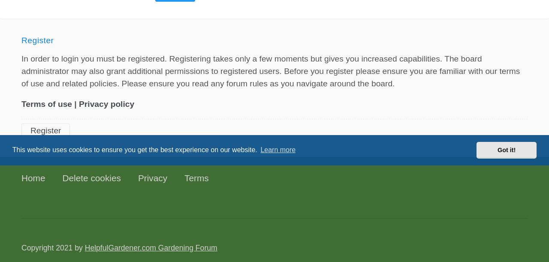 This screenshot has height=262, width=549. I want to click on 'In order to login you must be registered. Registering takes only a few moments but gives you increased capabilities. The board administrator may also grant additional permissions to registered users. Before you register please ensure you are familiar with our terms of use and related policies. Please ensure you read any forum rules as you navigate around the board.', so click(21, 71).